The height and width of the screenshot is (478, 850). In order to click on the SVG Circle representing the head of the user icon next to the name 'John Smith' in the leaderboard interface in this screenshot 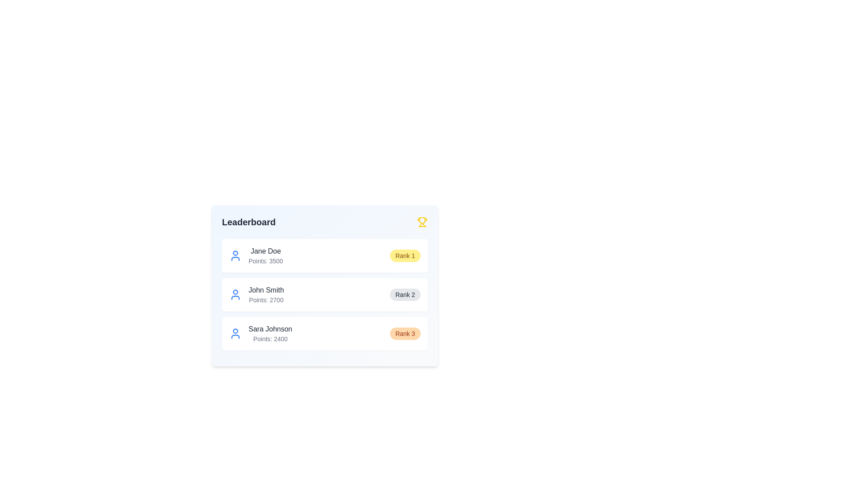, I will do `click(235, 292)`.